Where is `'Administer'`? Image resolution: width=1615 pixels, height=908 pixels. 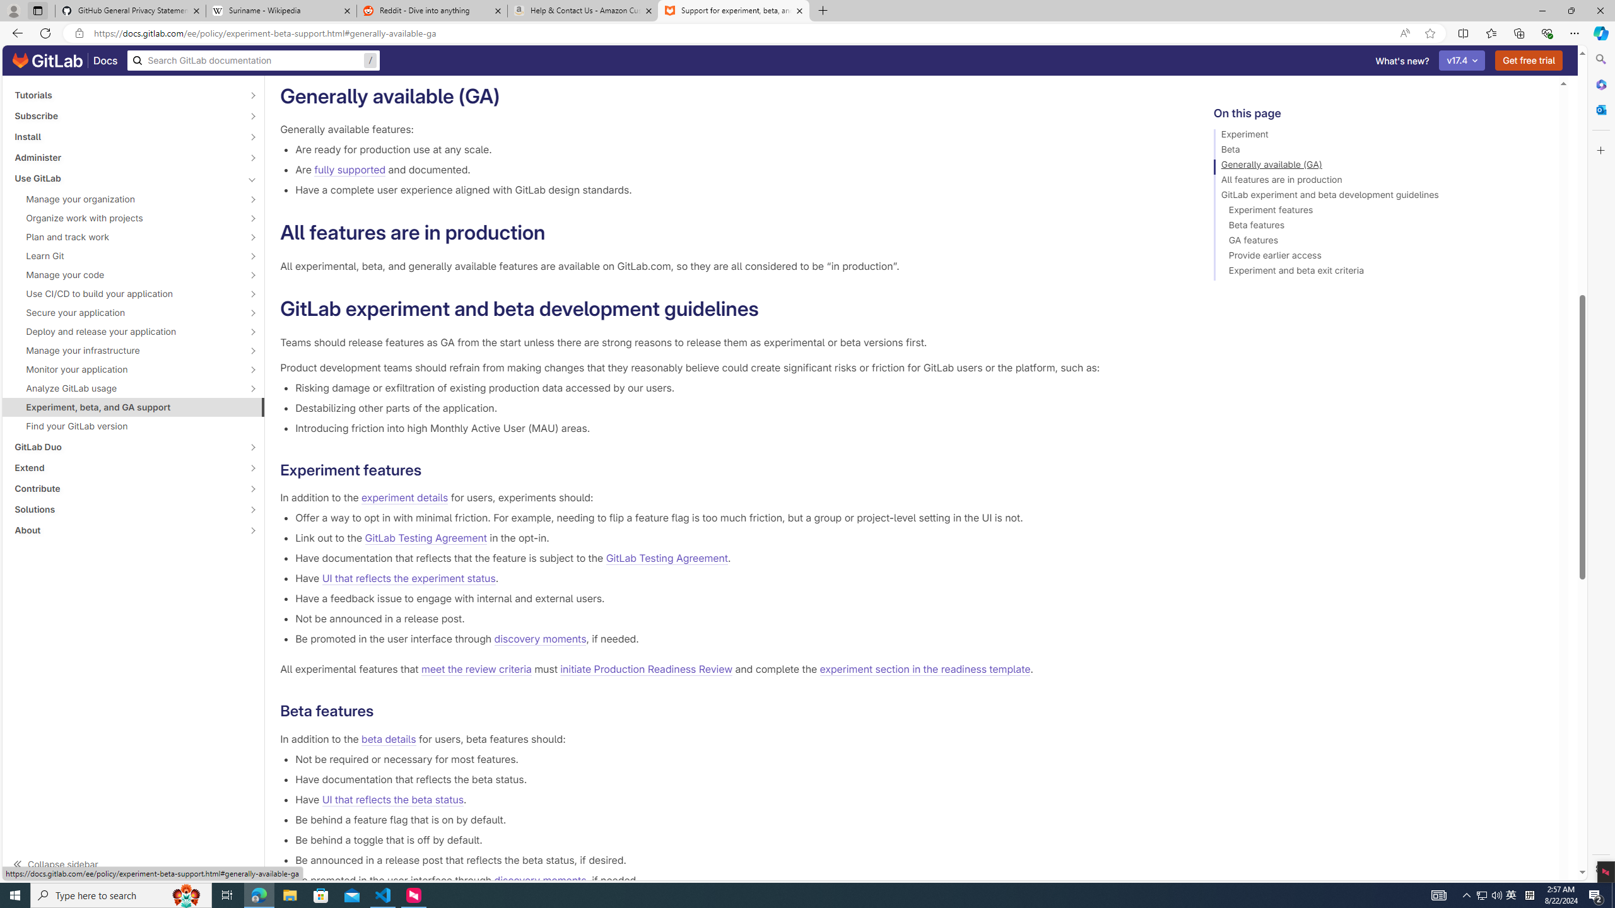 'Administer' is located at coordinates (126, 156).